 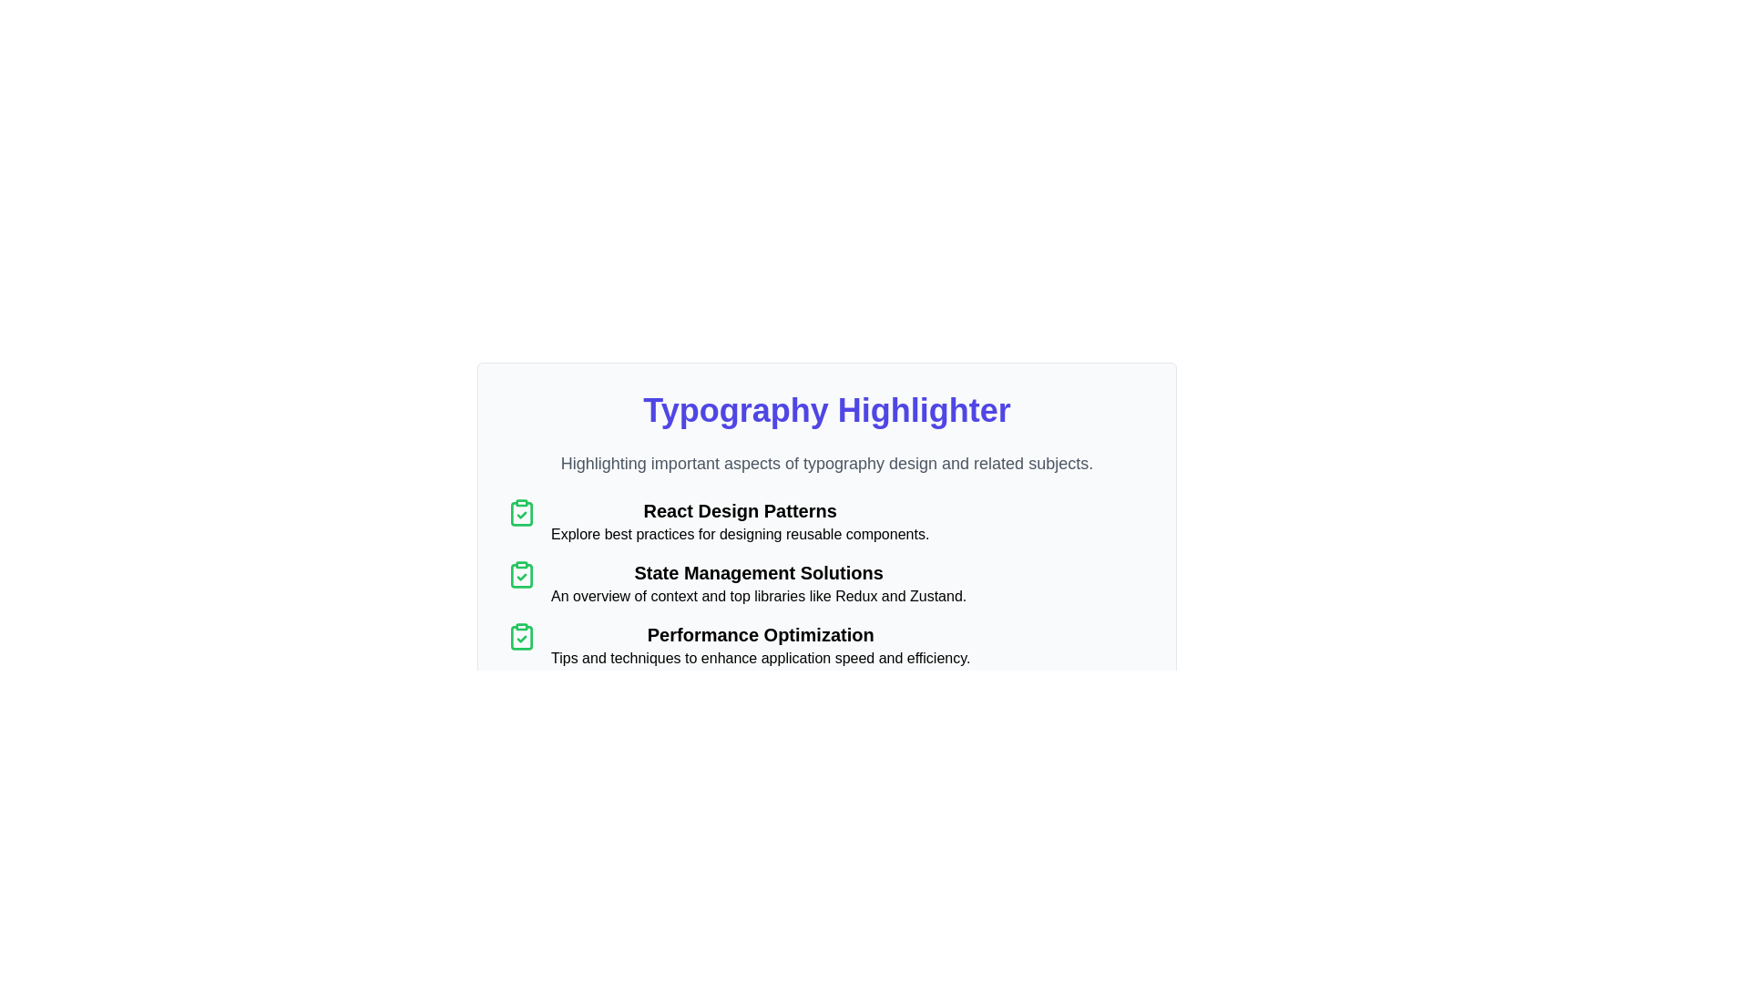 I want to click on the clipboard icon, which is part of an SVG icon located to the left of the 'React Design Patterns' text, so click(x=520, y=513).